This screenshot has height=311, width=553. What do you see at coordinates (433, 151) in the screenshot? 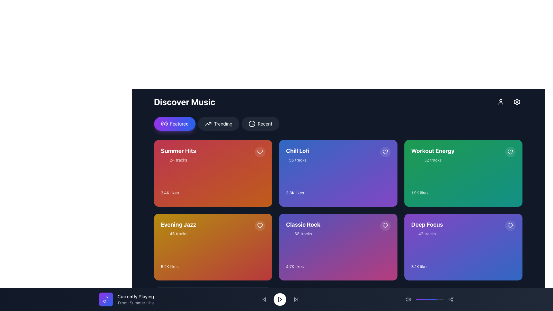
I see `text displayed in the 'Workout Energy' label, which is located in the top-right card of the grid and is styled with a green background` at bounding box center [433, 151].